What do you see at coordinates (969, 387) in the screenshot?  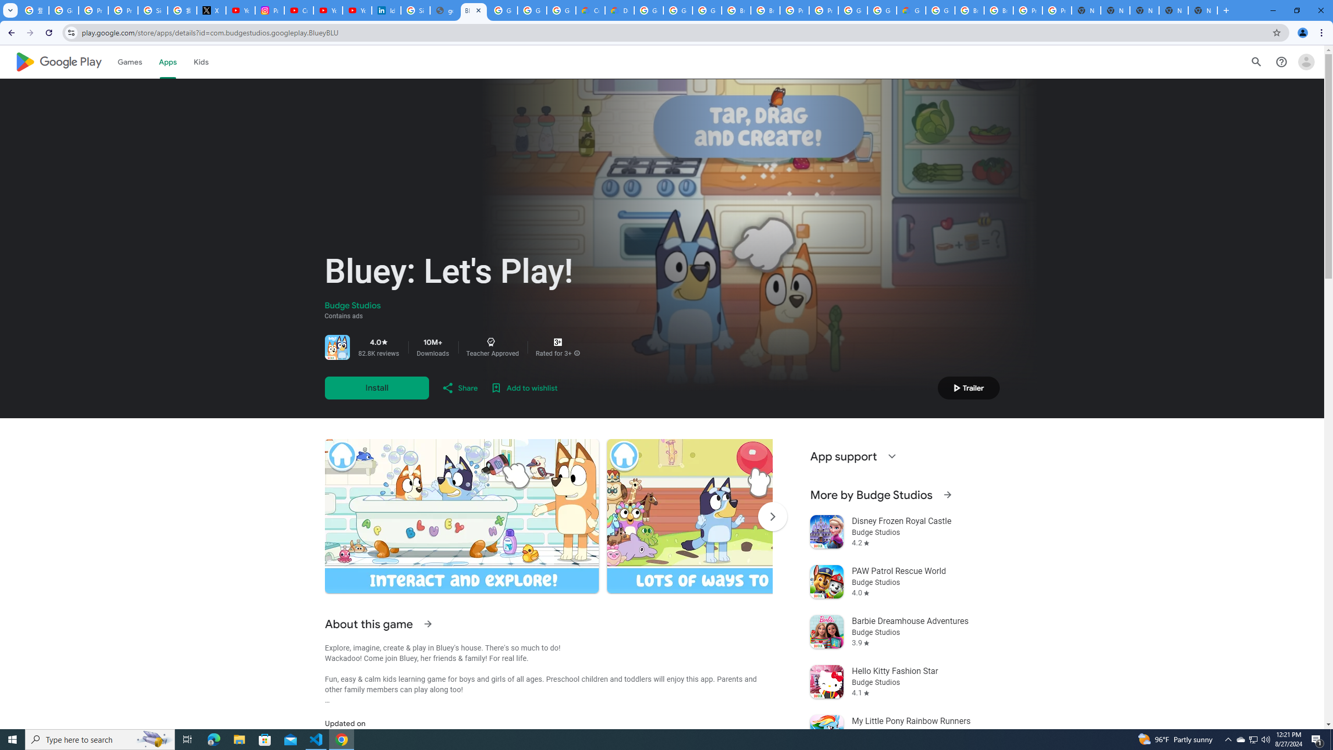 I see `'Play trailer'` at bounding box center [969, 387].